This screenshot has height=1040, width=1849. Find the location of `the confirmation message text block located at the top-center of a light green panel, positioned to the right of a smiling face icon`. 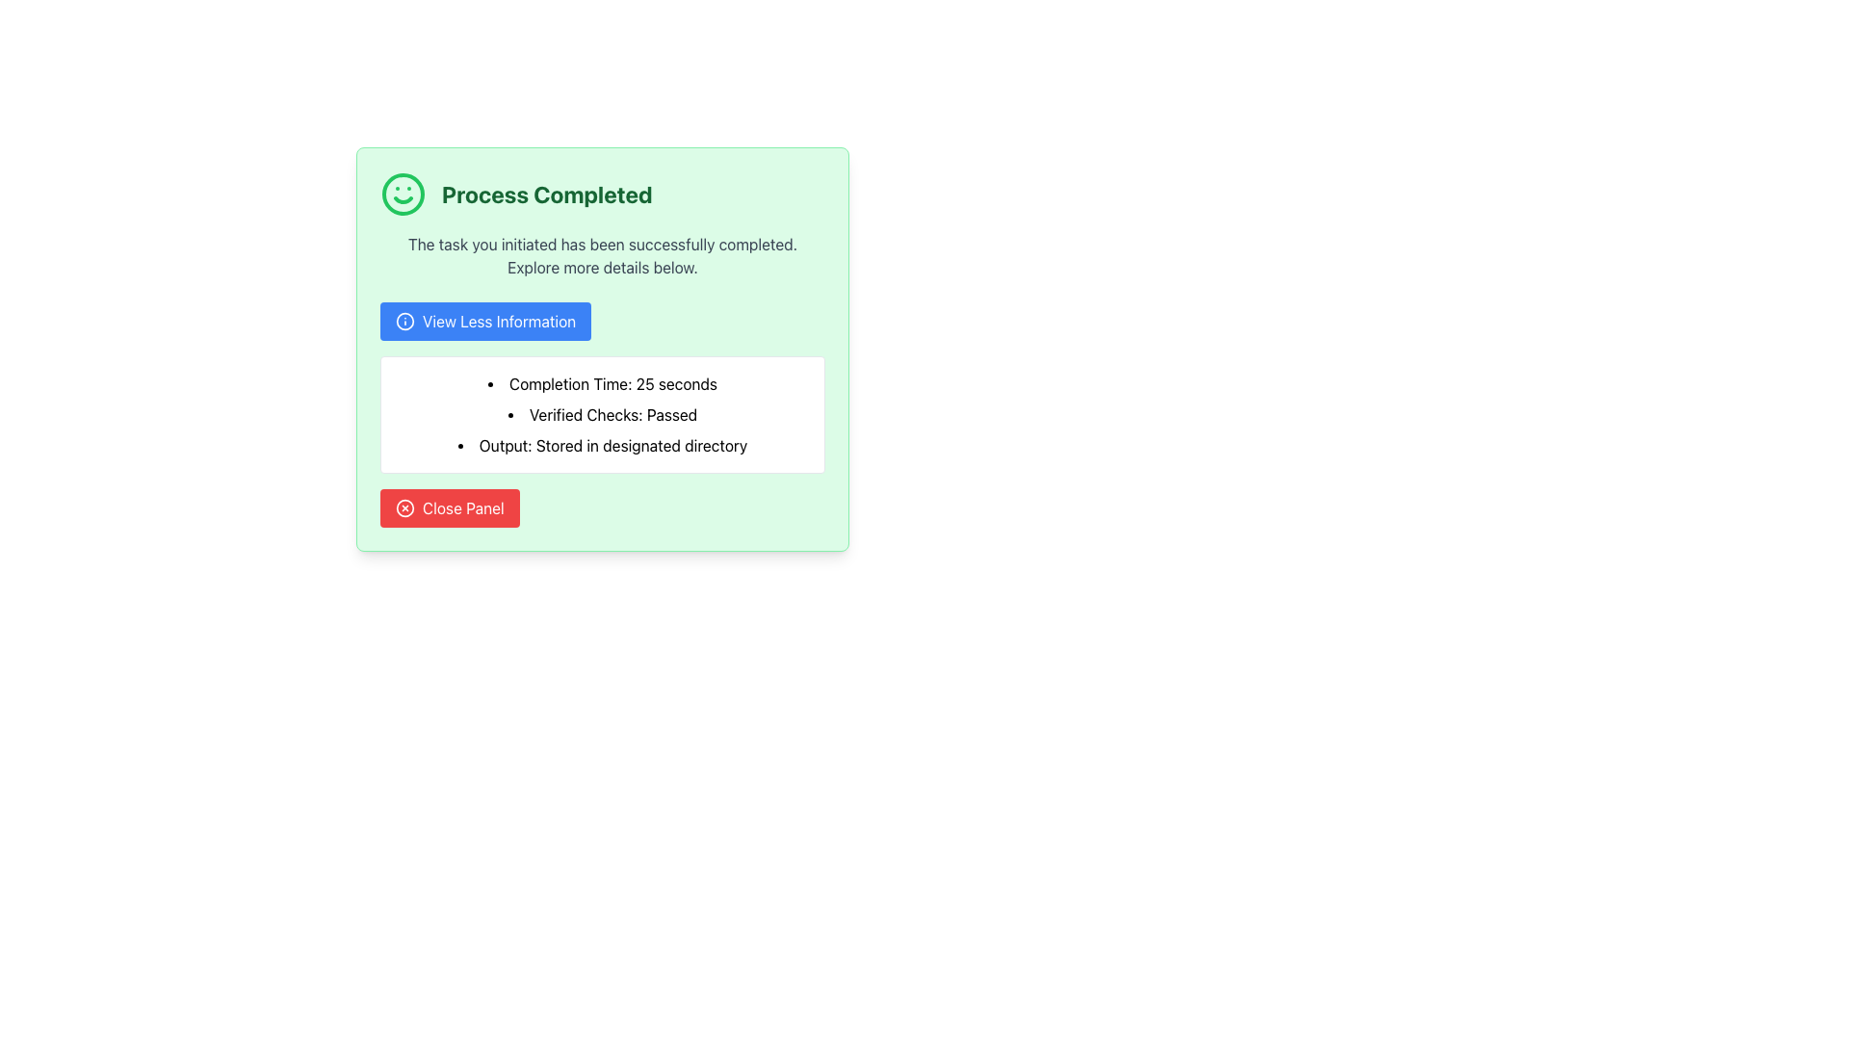

the confirmation message text block located at the top-center of a light green panel, positioned to the right of a smiling face icon is located at coordinates (546, 194).